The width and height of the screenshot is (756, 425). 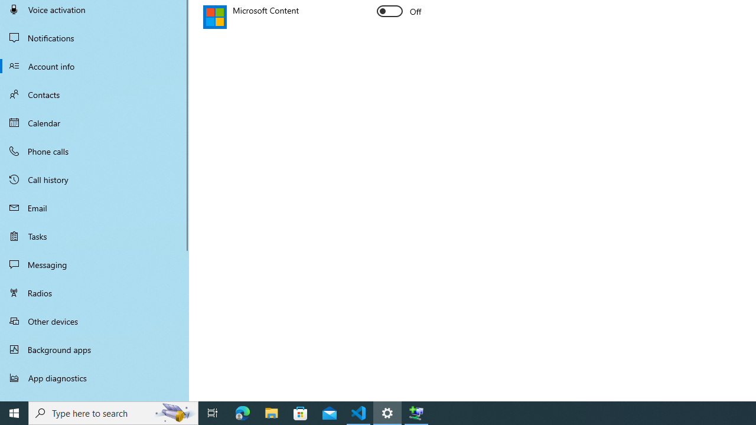 I want to click on 'Account info', so click(x=94, y=66).